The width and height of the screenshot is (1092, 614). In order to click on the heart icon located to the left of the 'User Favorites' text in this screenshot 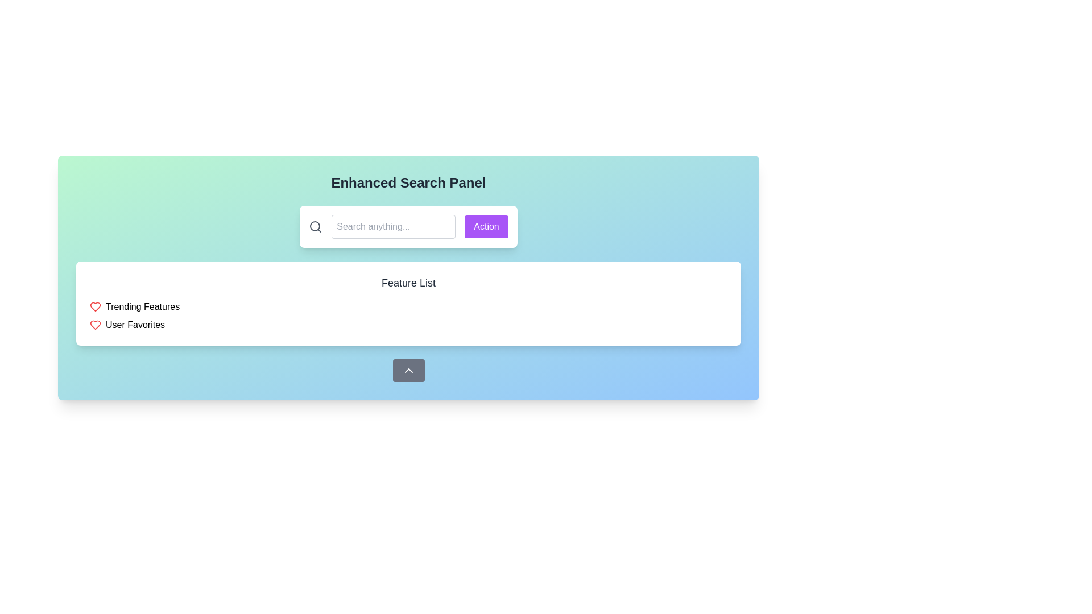, I will do `click(96, 325)`.